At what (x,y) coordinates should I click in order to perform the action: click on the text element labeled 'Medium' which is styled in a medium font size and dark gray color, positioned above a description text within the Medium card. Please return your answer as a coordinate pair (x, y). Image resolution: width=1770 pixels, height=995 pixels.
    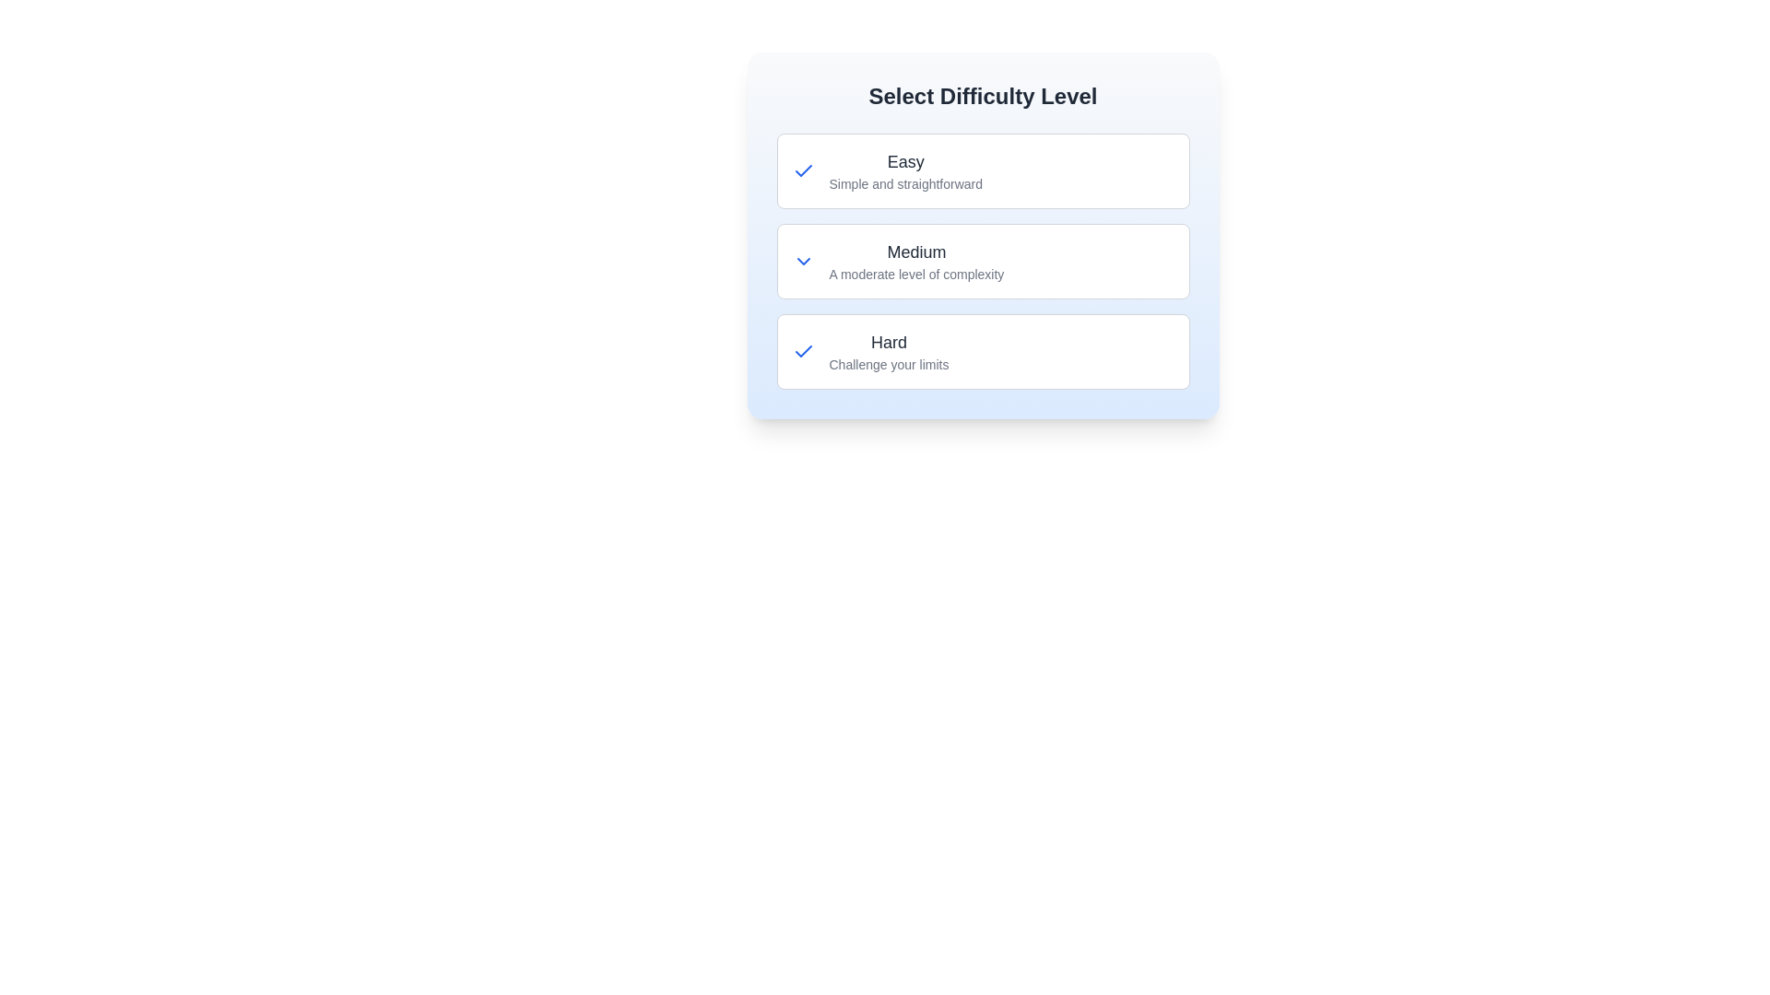
    Looking at the image, I should click on (916, 252).